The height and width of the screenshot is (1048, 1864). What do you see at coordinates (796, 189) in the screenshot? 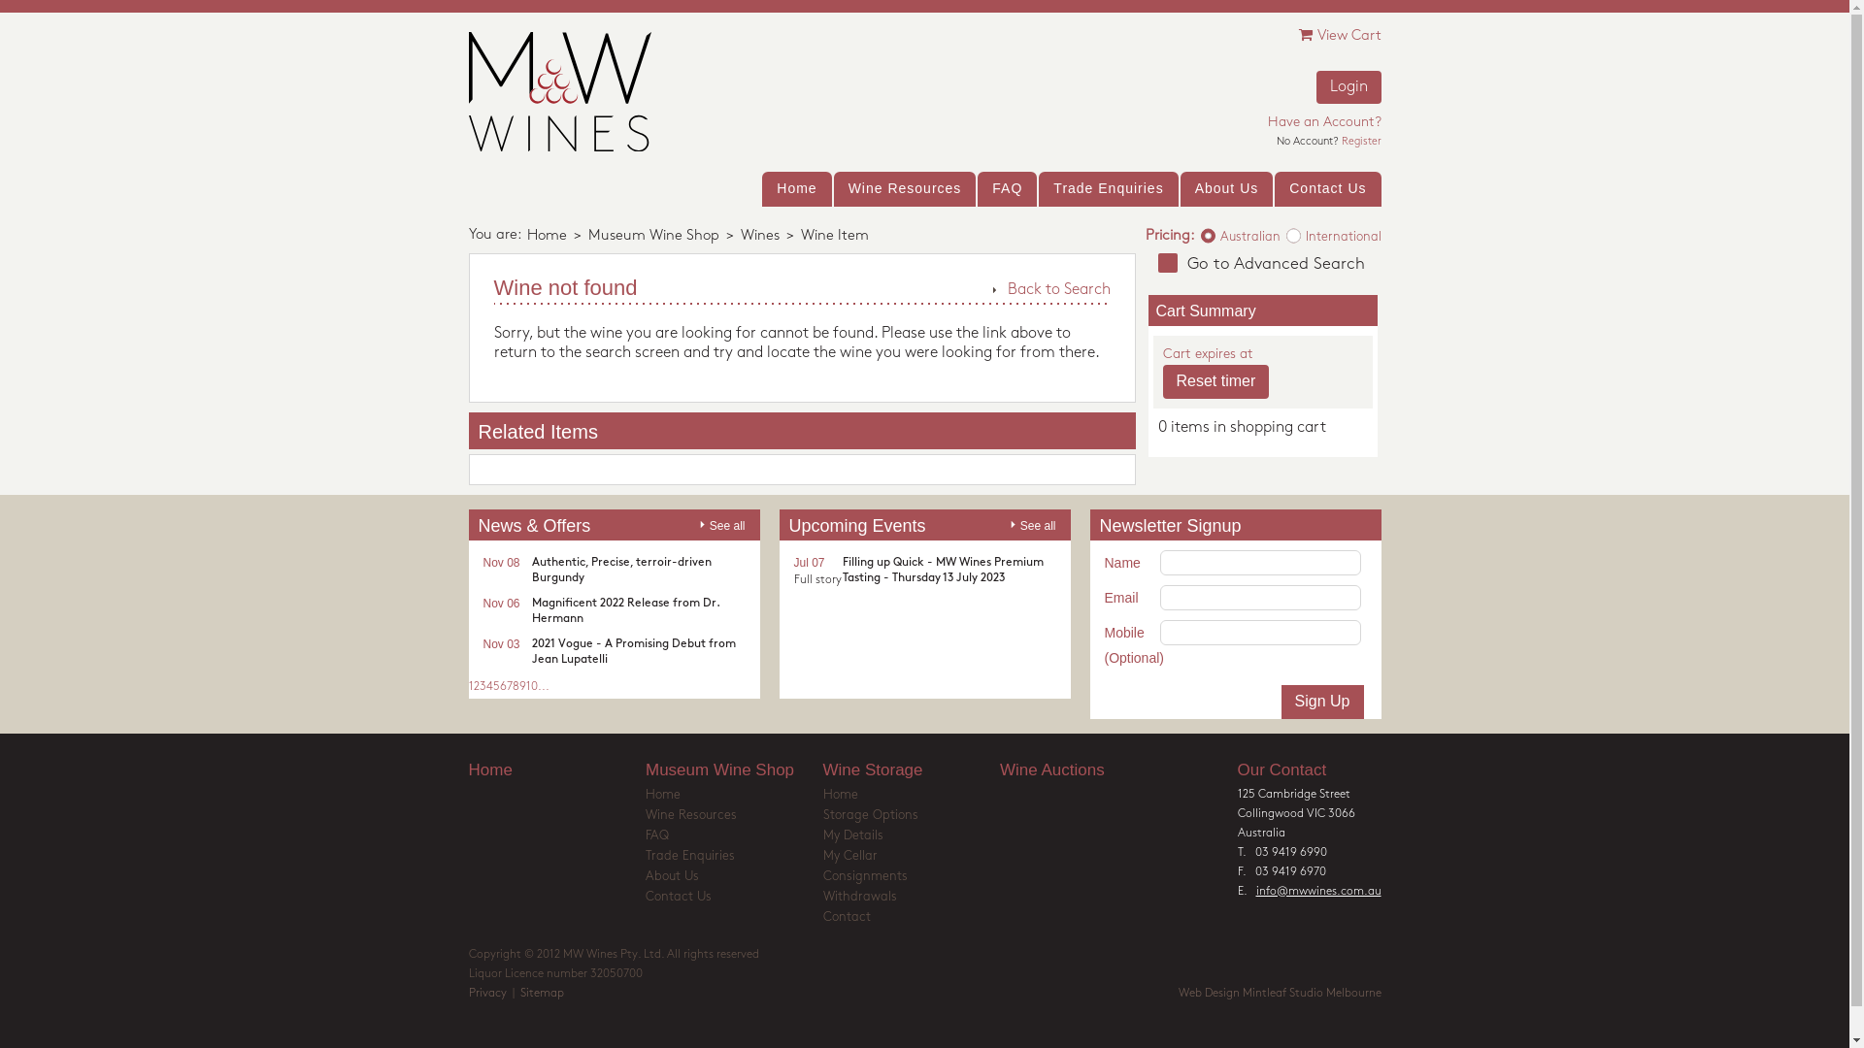
I see `'Home'` at bounding box center [796, 189].